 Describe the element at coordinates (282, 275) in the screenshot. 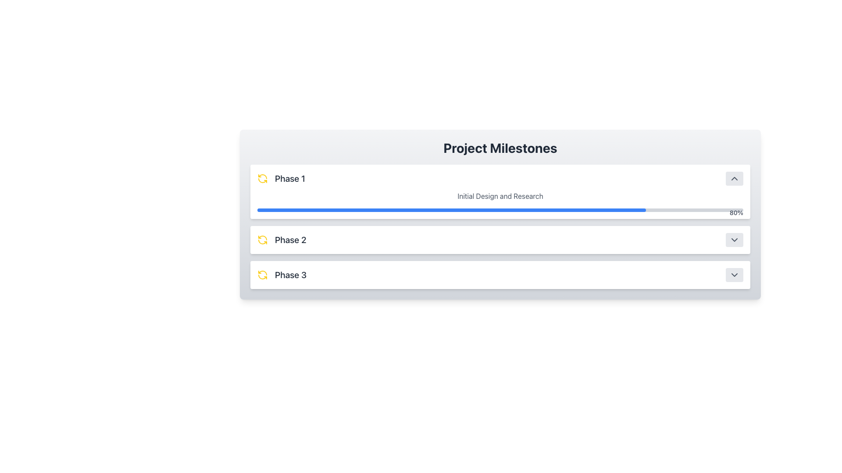

I see `the 'Phase 3' text element with an adjacent refresh icon in yellow, which is the third item in the vertical list under 'Project Milestones'` at that location.